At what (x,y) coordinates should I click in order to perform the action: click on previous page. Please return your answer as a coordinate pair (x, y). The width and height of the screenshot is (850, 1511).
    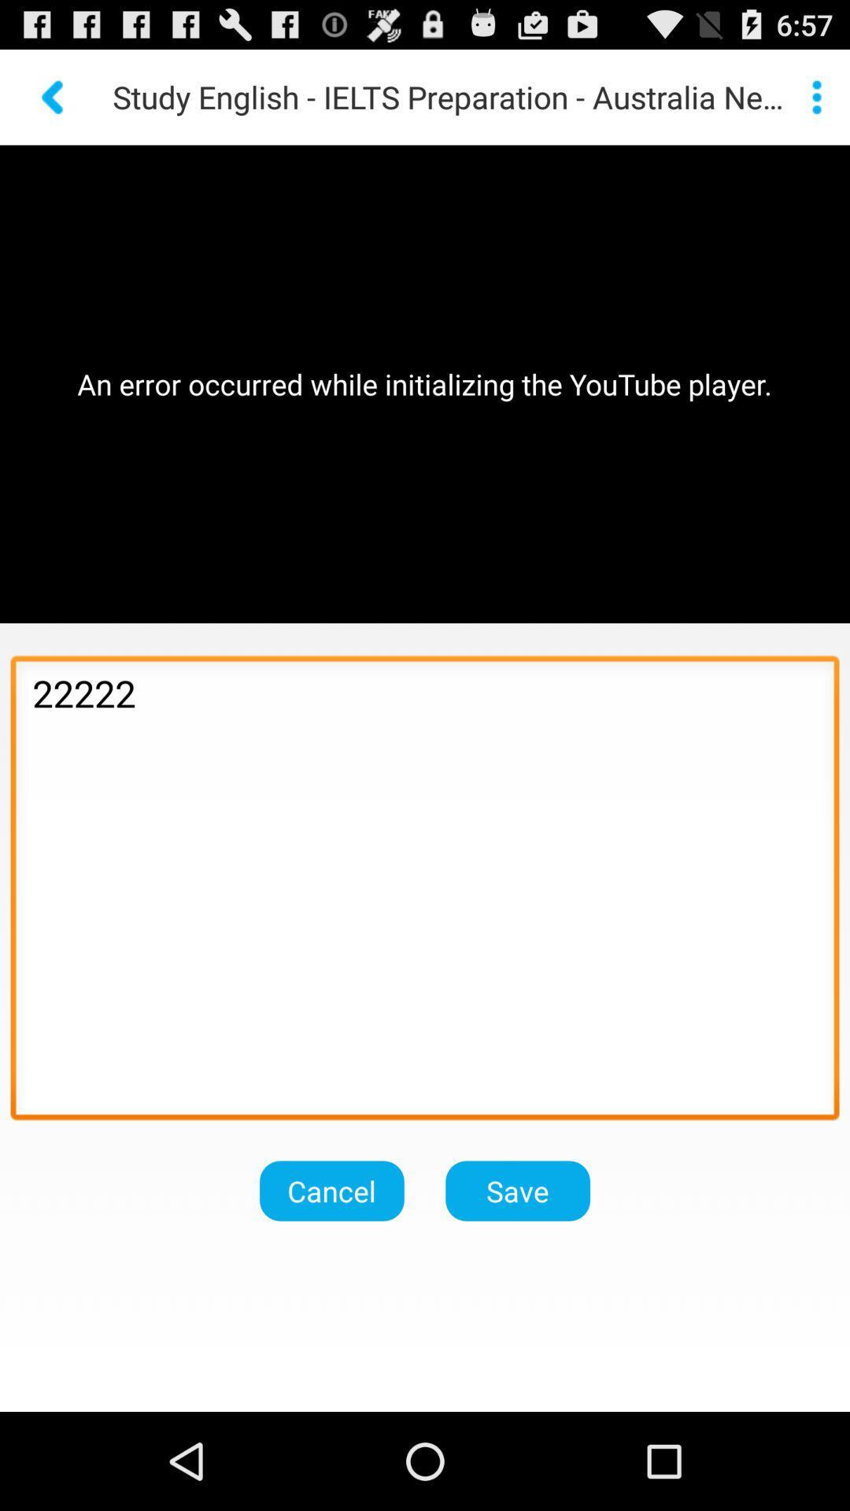
    Looking at the image, I should click on (54, 96).